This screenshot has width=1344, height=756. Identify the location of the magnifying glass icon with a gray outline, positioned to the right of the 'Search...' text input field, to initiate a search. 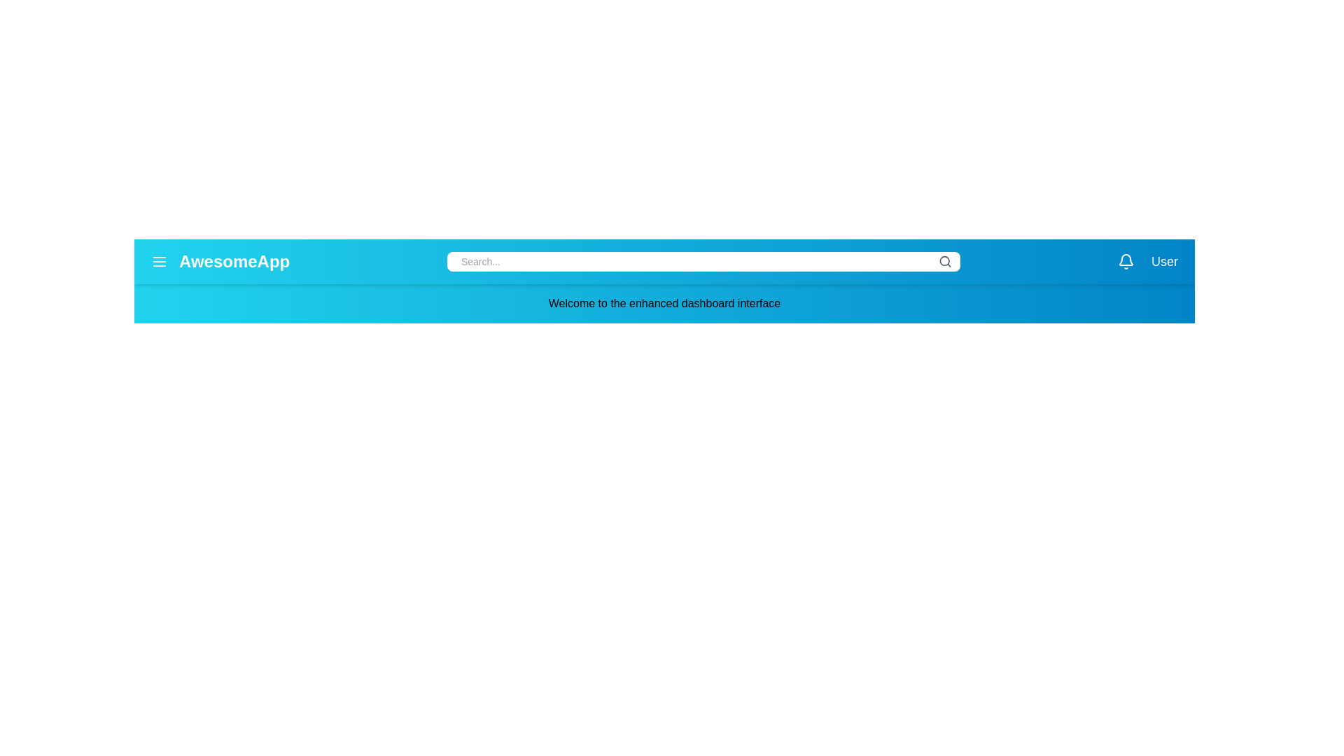
(945, 262).